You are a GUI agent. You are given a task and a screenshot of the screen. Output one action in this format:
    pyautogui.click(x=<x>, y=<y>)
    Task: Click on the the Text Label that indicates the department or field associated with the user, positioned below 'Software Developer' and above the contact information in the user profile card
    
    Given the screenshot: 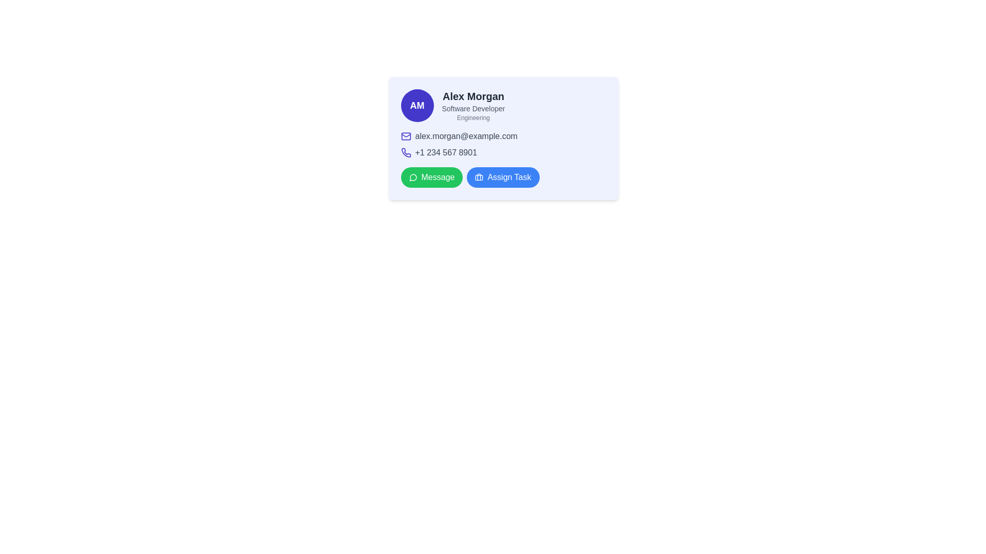 What is the action you would take?
    pyautogui.click(x=472, y=117)
    